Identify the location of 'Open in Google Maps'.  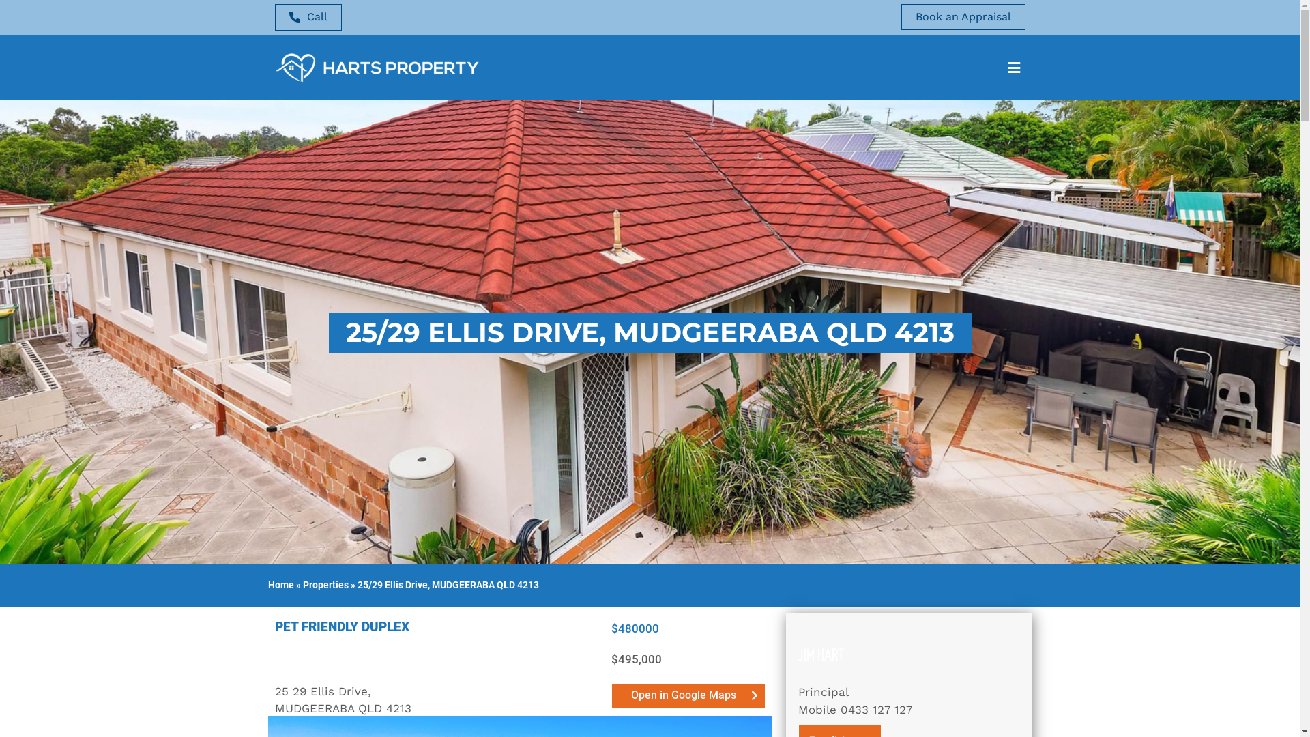
(688, 695).